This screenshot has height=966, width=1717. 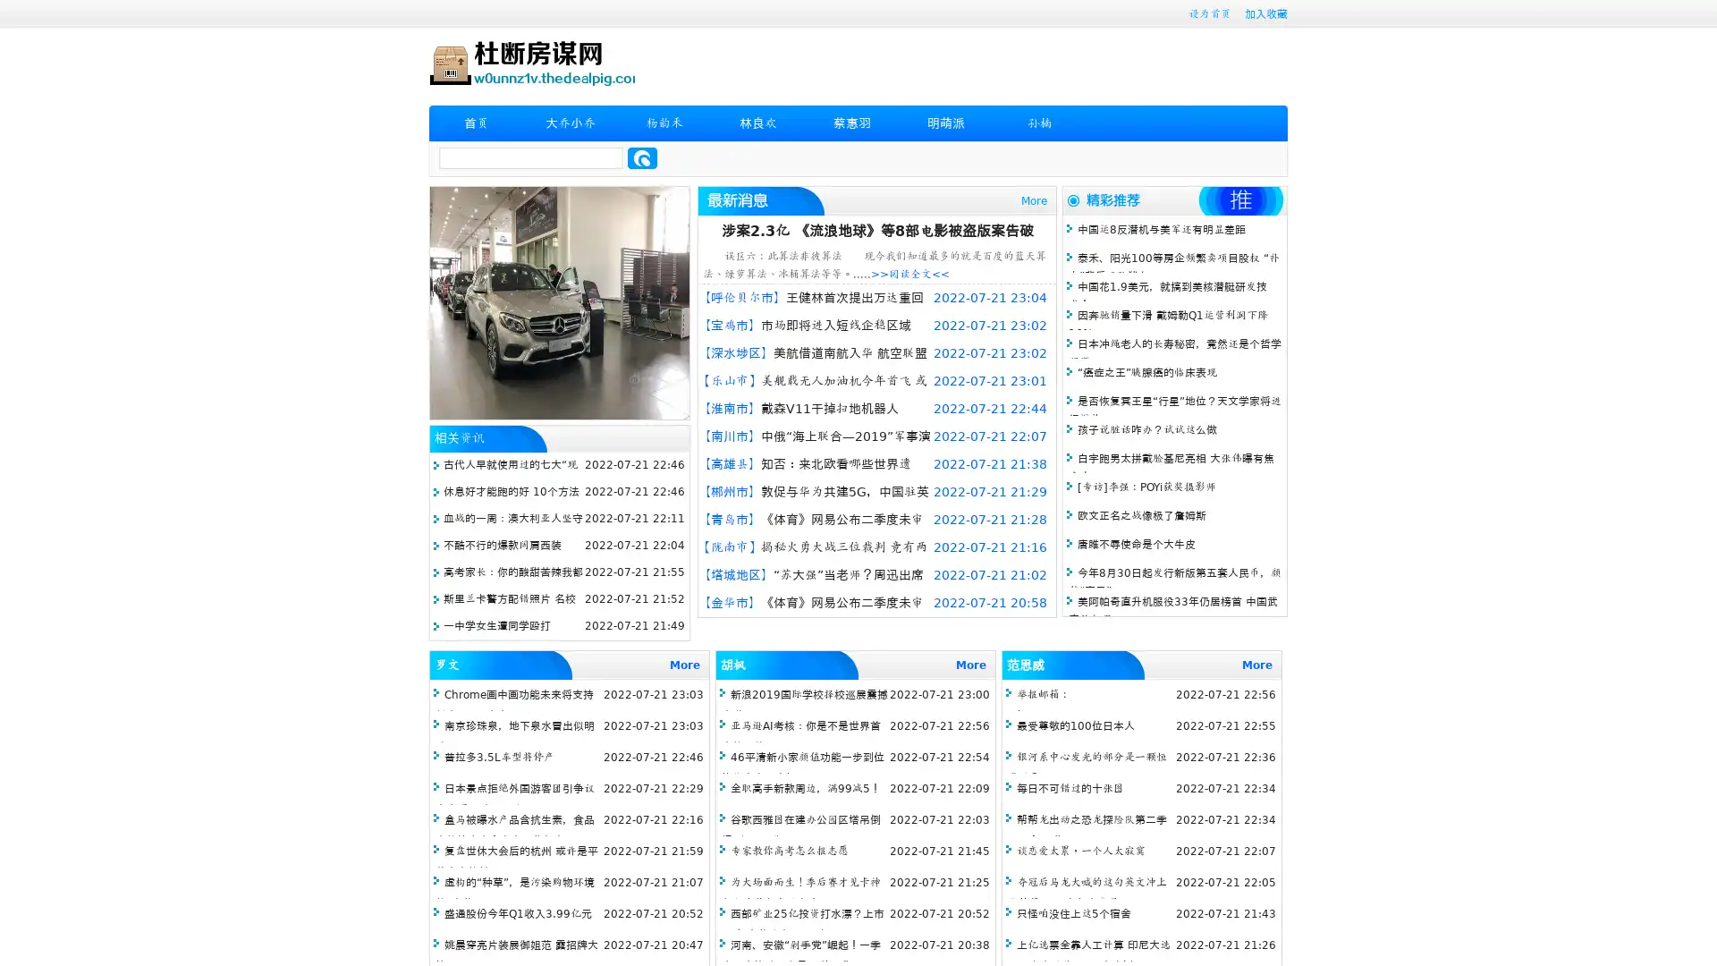 What do you see at coordinates (642, 157) in the screenshot?
I see `Search` at bounding box center [642, 157].